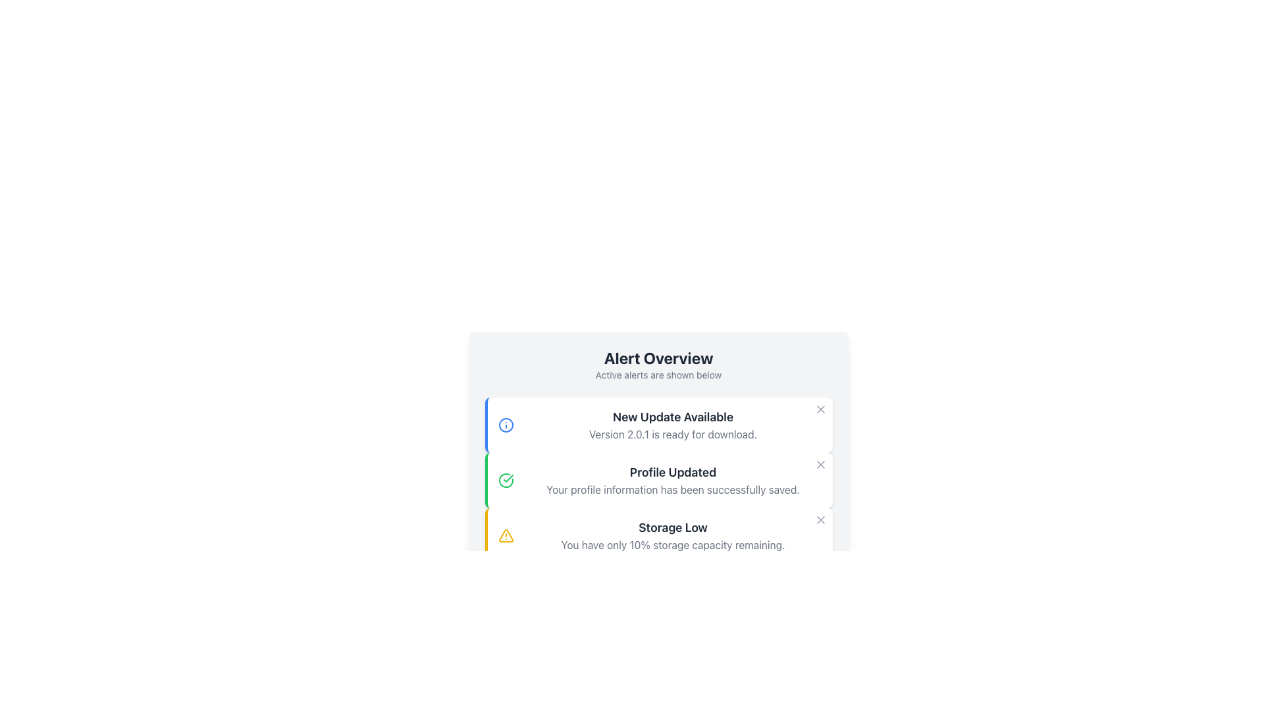 Image resolution: width=1264 pixels, height=711 pixels. I want to click on the close icon styled as an 'X' in the third notification box labeled 'Profile Updated', so click(820, 463).